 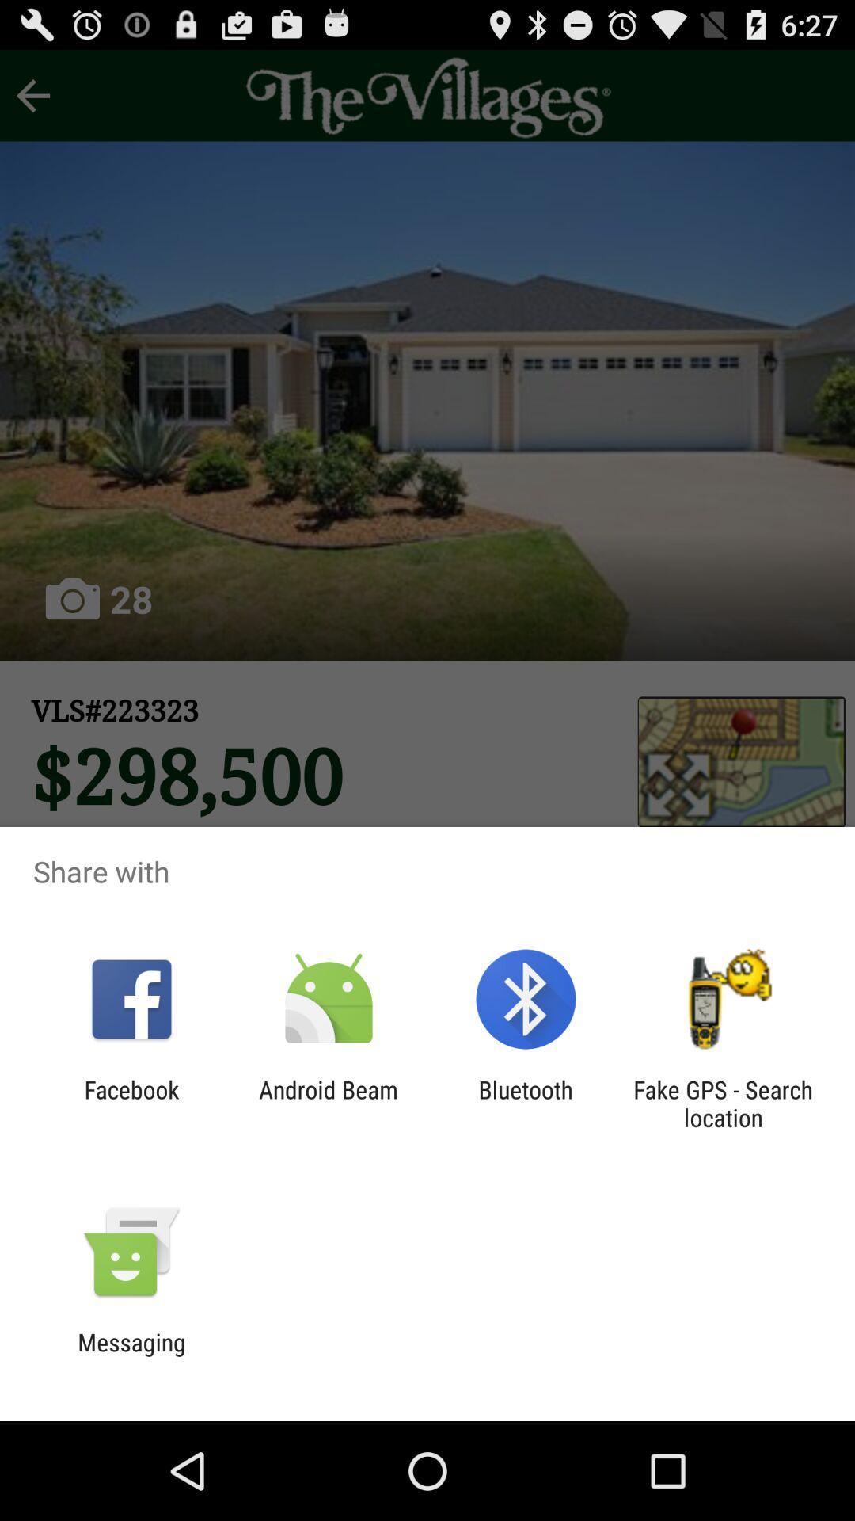 What do you see at coordinates (131, 1355) in the screenshot?
I see `the messaging item` at bounding box center [131, 1355].